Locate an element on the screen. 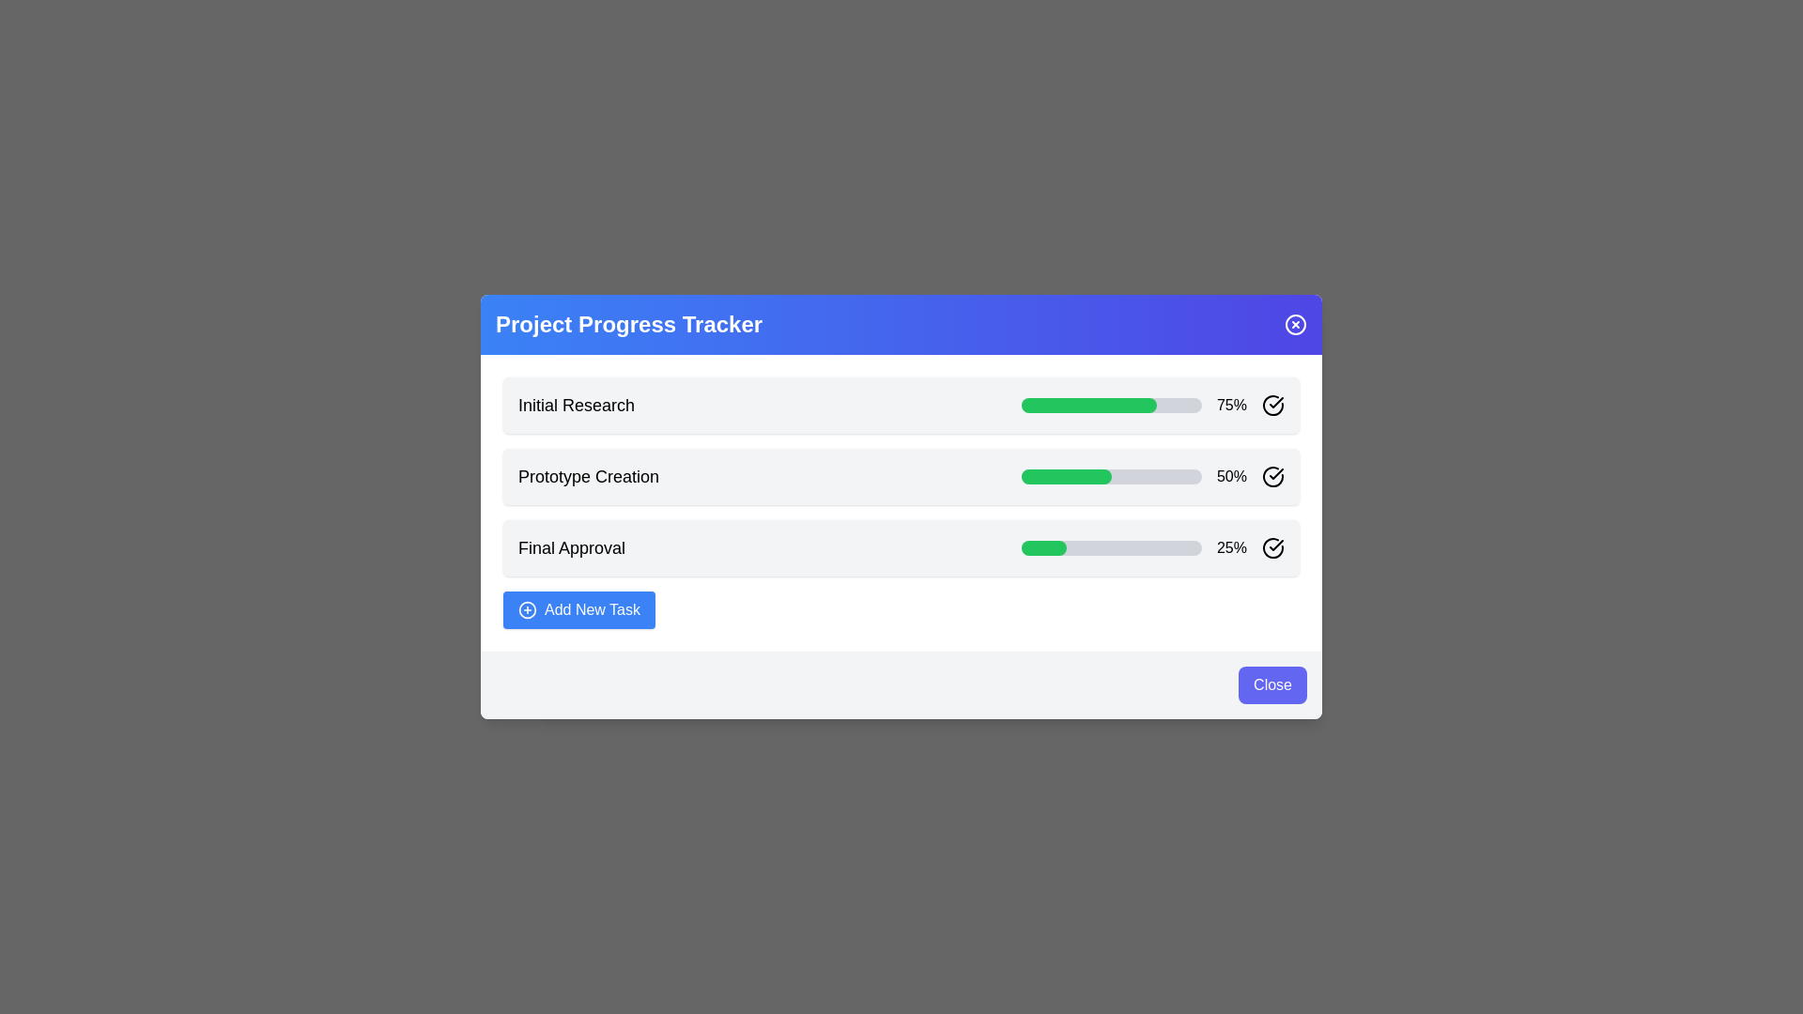 This screenshot has width=1803, height=1014. the text label displaying 'Project Progress Tracker' in bold white font on a blue gradient background, positioned at the top of the panel is located at coordinates (629, 324).